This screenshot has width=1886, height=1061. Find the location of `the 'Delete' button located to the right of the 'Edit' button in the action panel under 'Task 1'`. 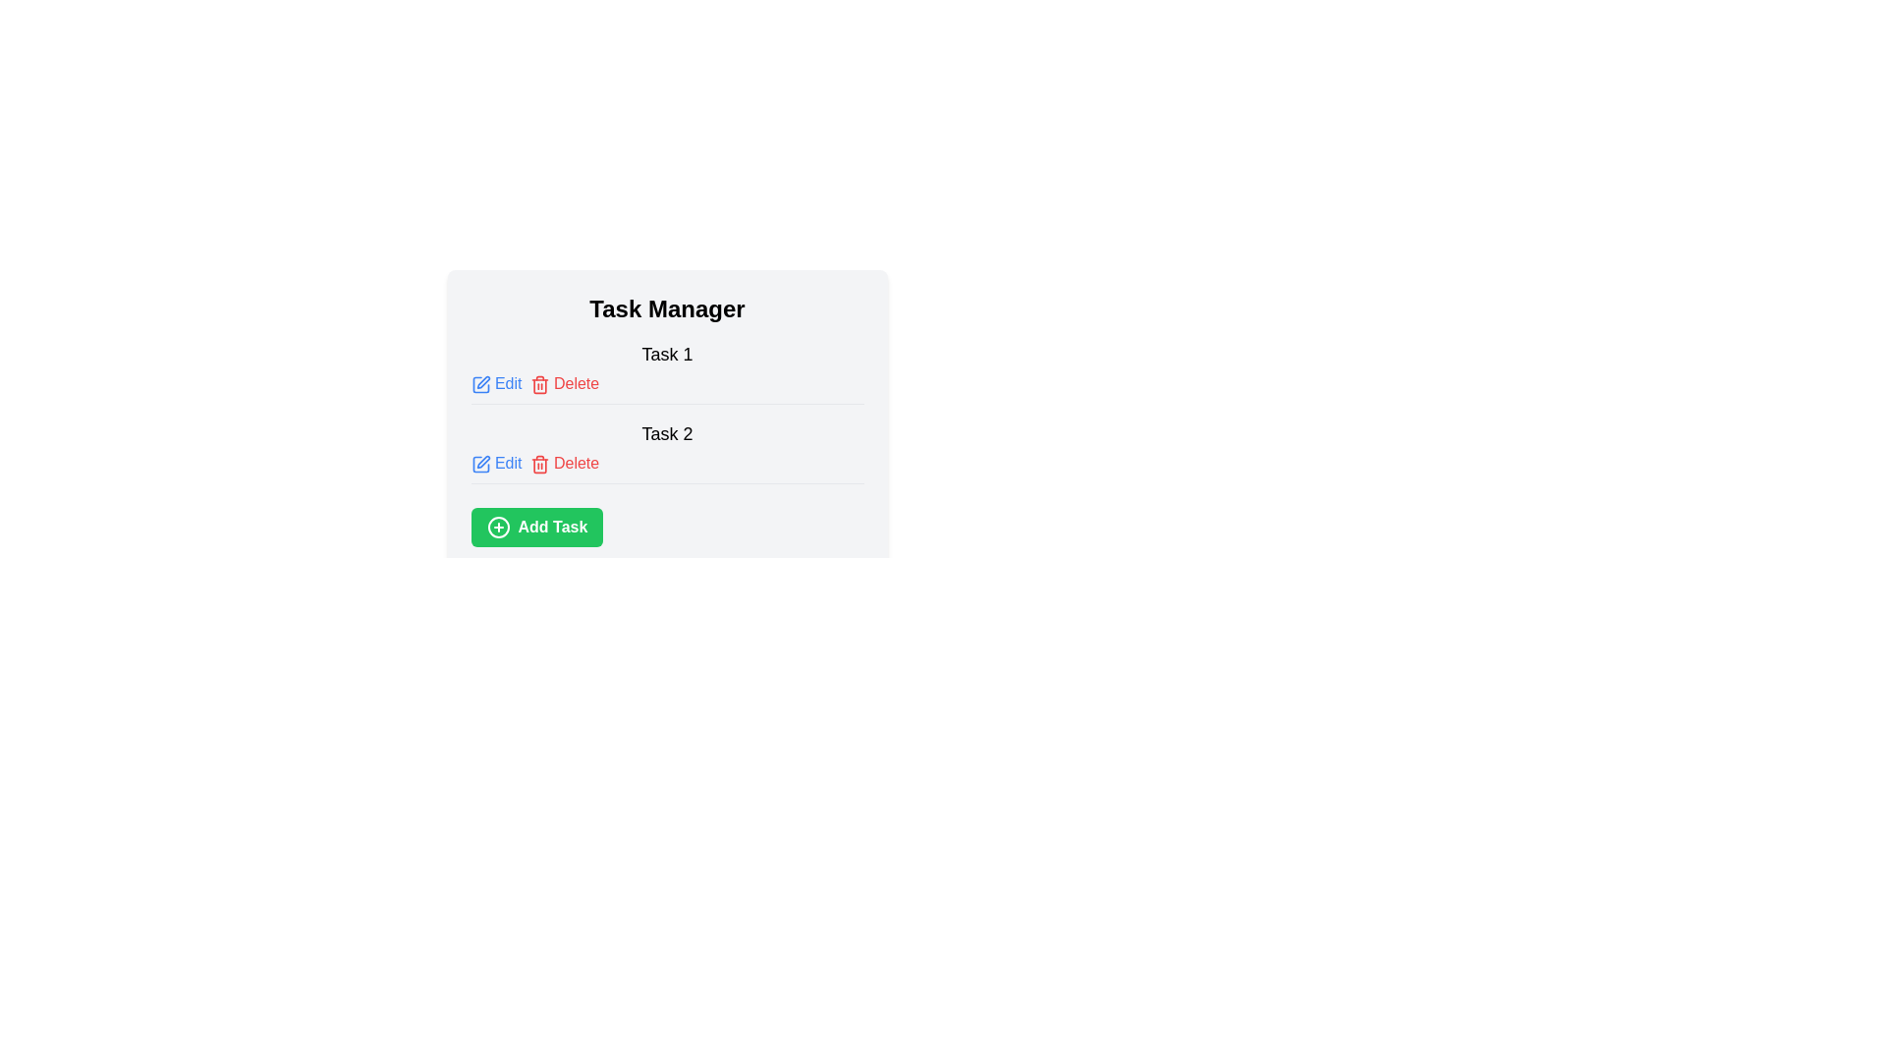

the 'Delete' button located to the right of the 'Edit' button in the action panel under 'Task 1' is located at coordinates (563, 383).